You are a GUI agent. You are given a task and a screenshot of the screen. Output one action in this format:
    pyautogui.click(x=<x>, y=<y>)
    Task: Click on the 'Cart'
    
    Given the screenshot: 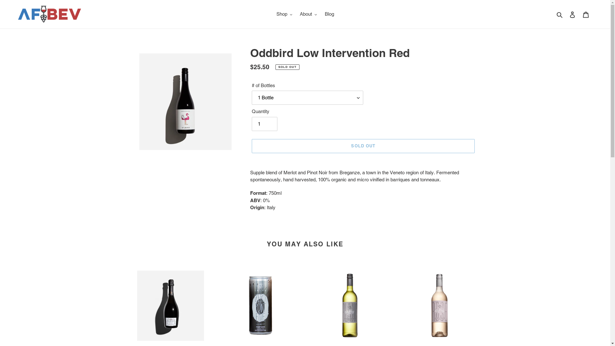 What is the action you would take?
    pyautogui.click(x=586, y=14)
    